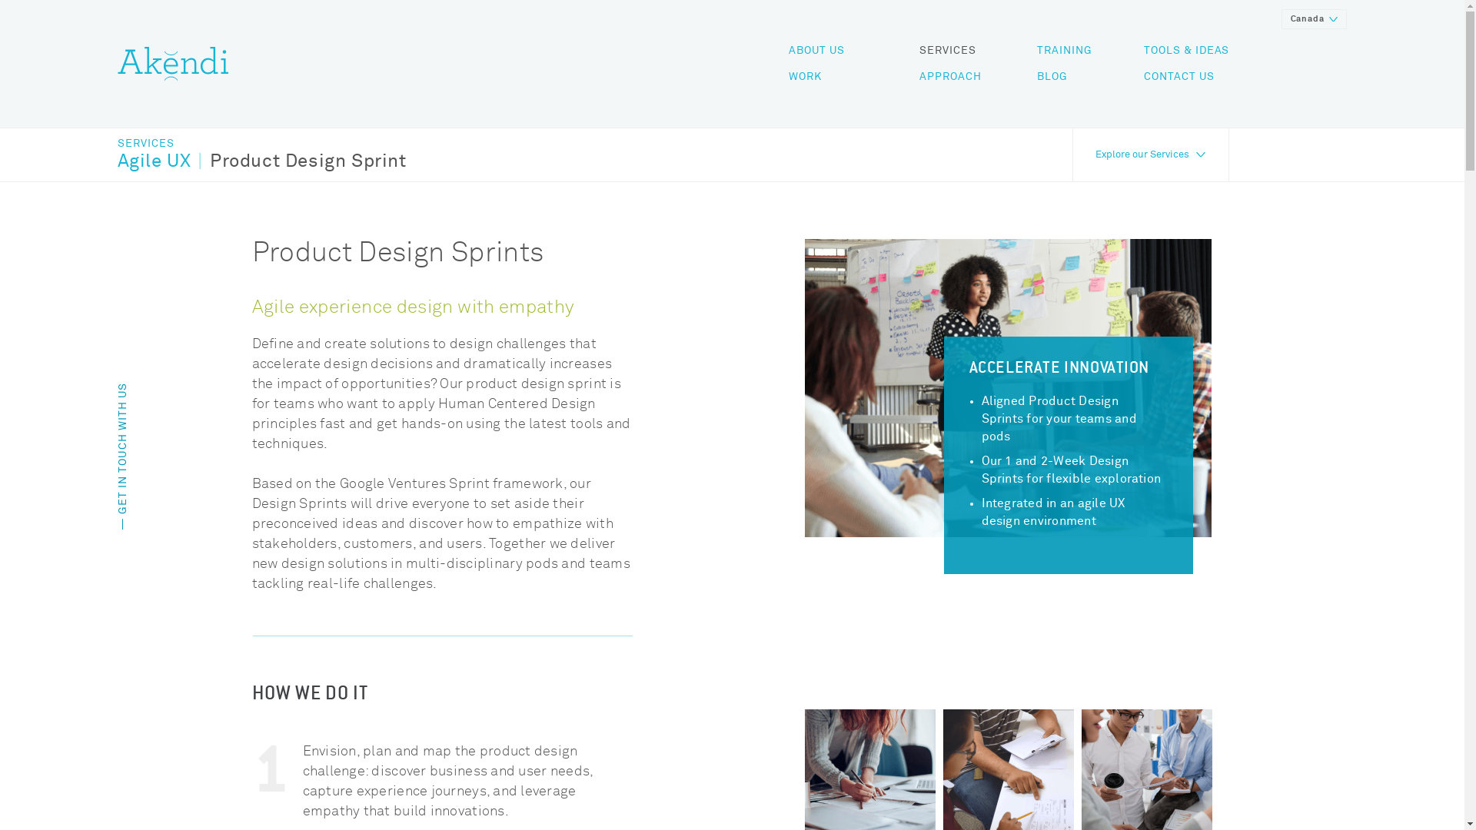  I want to click on 'APPROACH', so click(949, 77).